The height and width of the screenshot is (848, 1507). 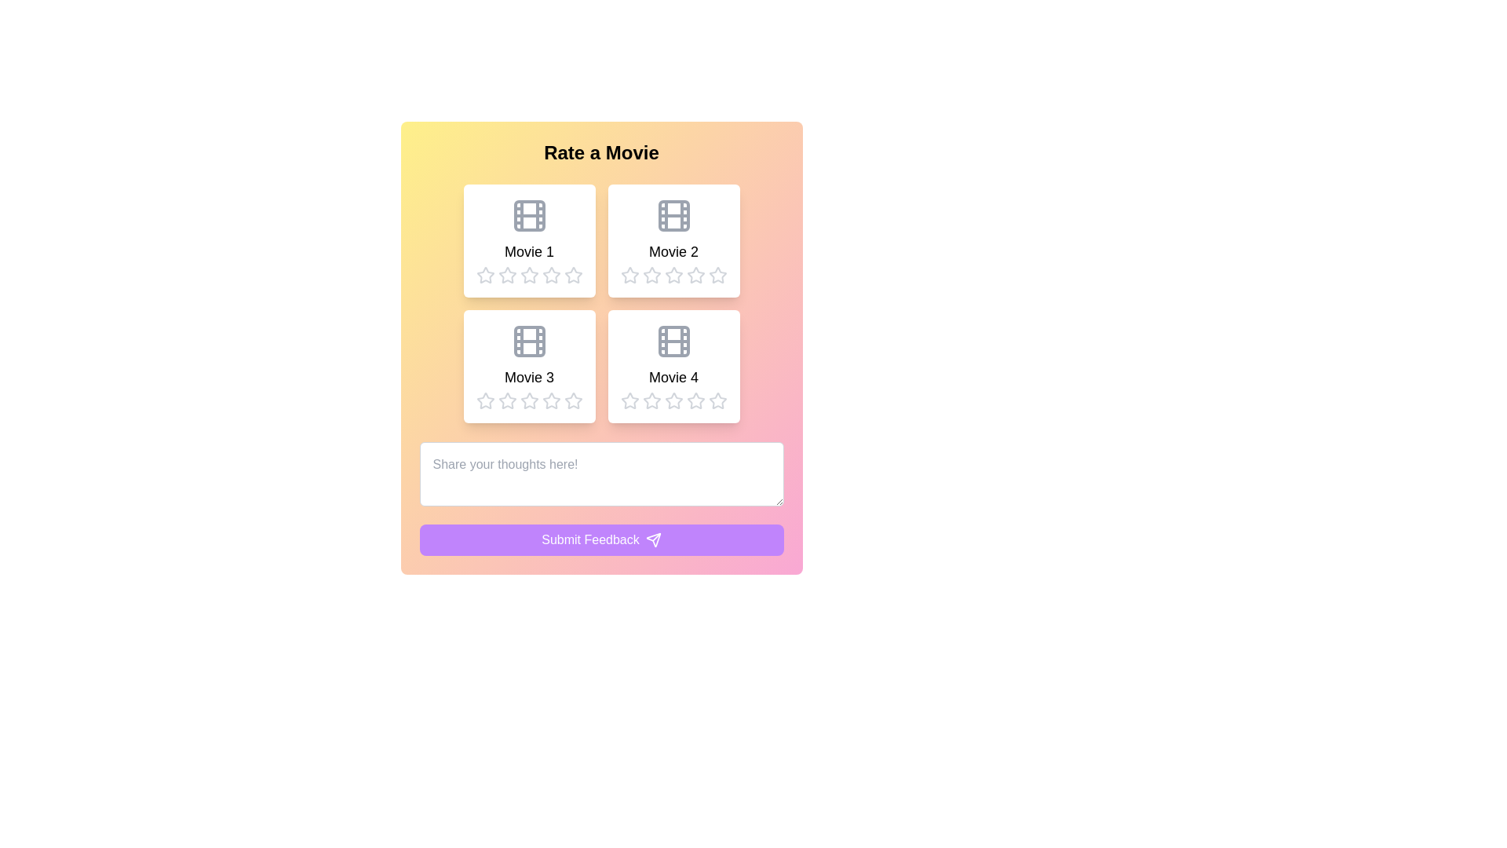 What do you see at coordinates (484, 400) in the screenshot?
I see `the first star rating icon under the panel labeled 'Movie 3'` at bounding box center [484, 400].